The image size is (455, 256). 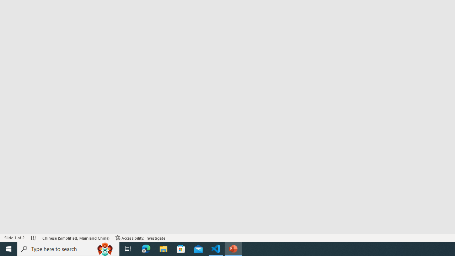 What do you see at coordinates (140, 238) in the screenshot?
I see `'Accessibility Checker Accessibility: Investigate'` at bounding box center [140, 238].